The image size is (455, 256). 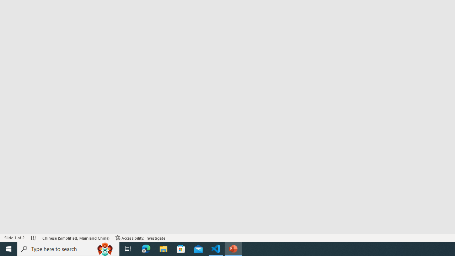 What do you see at coordinates (140, 238) in the screenshot?
I see `'Accessibility Checker Accessibility: Investigate'` at bounding box center [140, 238].